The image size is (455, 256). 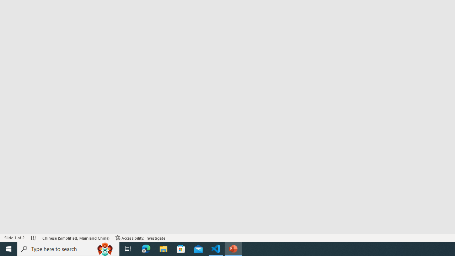 What do you see at coordinates (140, 238) in the screenshot?
I see `'Accessibility Checker Accessibility: Investigate'` at bounding box center [140, 238].